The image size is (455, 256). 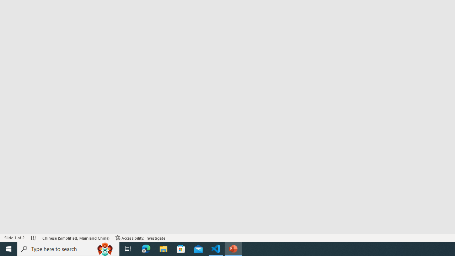 What do you see at coordinates (140, 238) in the screenshot?
I see `'Accessibility Checker Accessibility: Investigate'` at bounding box center [140, 238].